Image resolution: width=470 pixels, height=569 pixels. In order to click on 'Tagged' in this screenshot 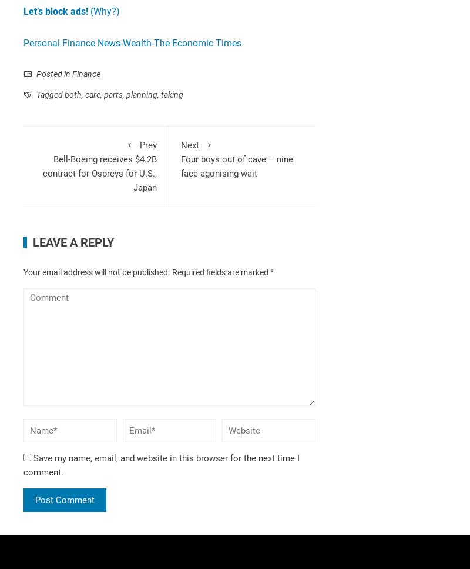, I will do `click(49, 94)`.